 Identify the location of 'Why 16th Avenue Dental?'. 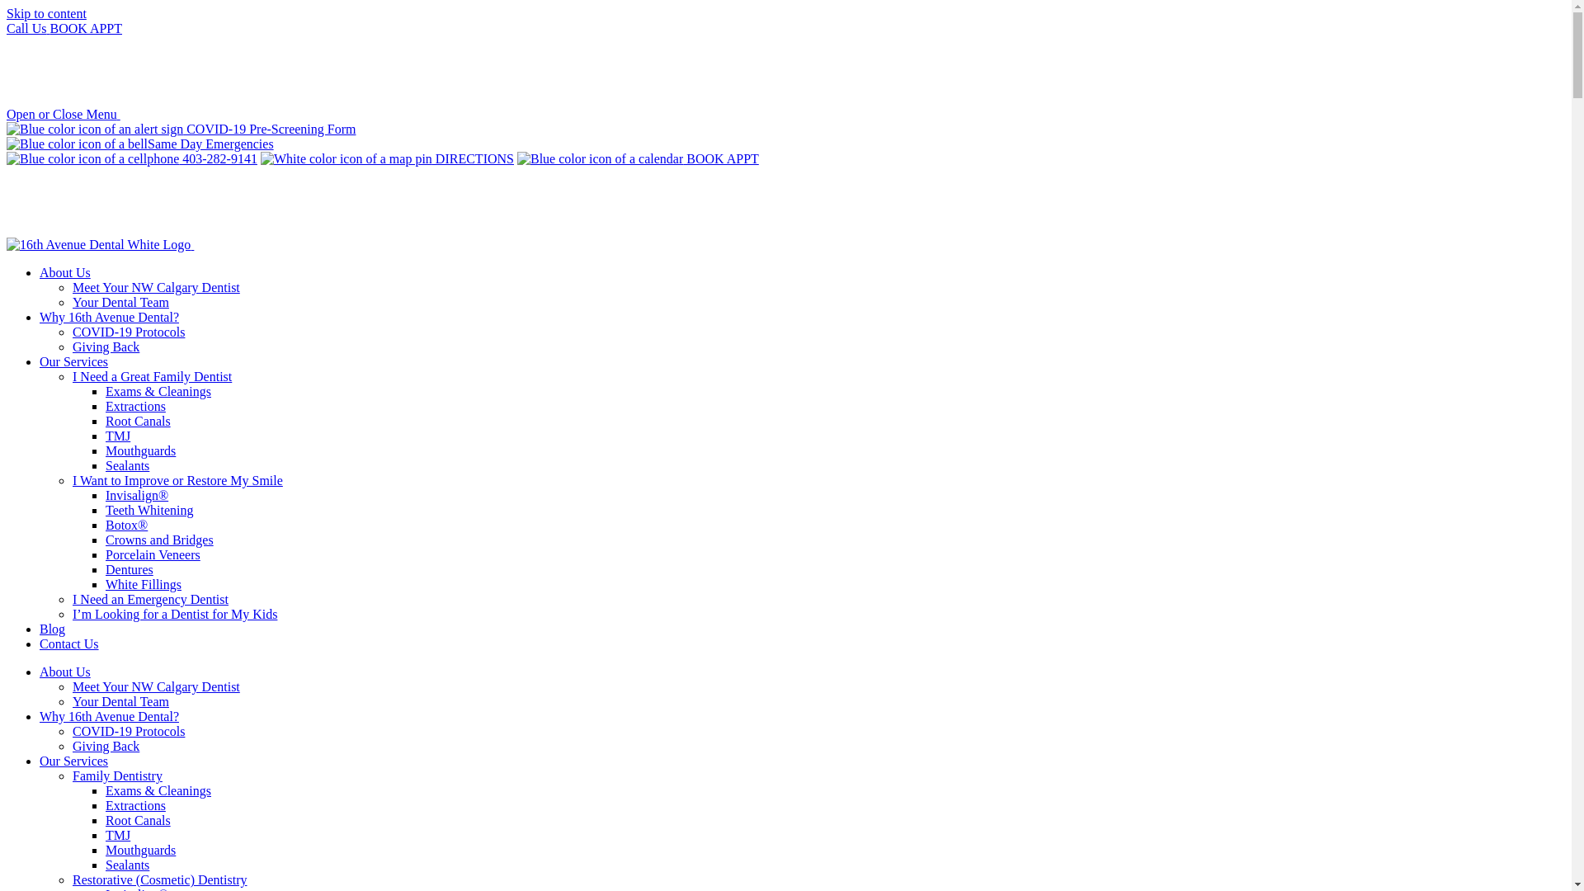
(40, 317).